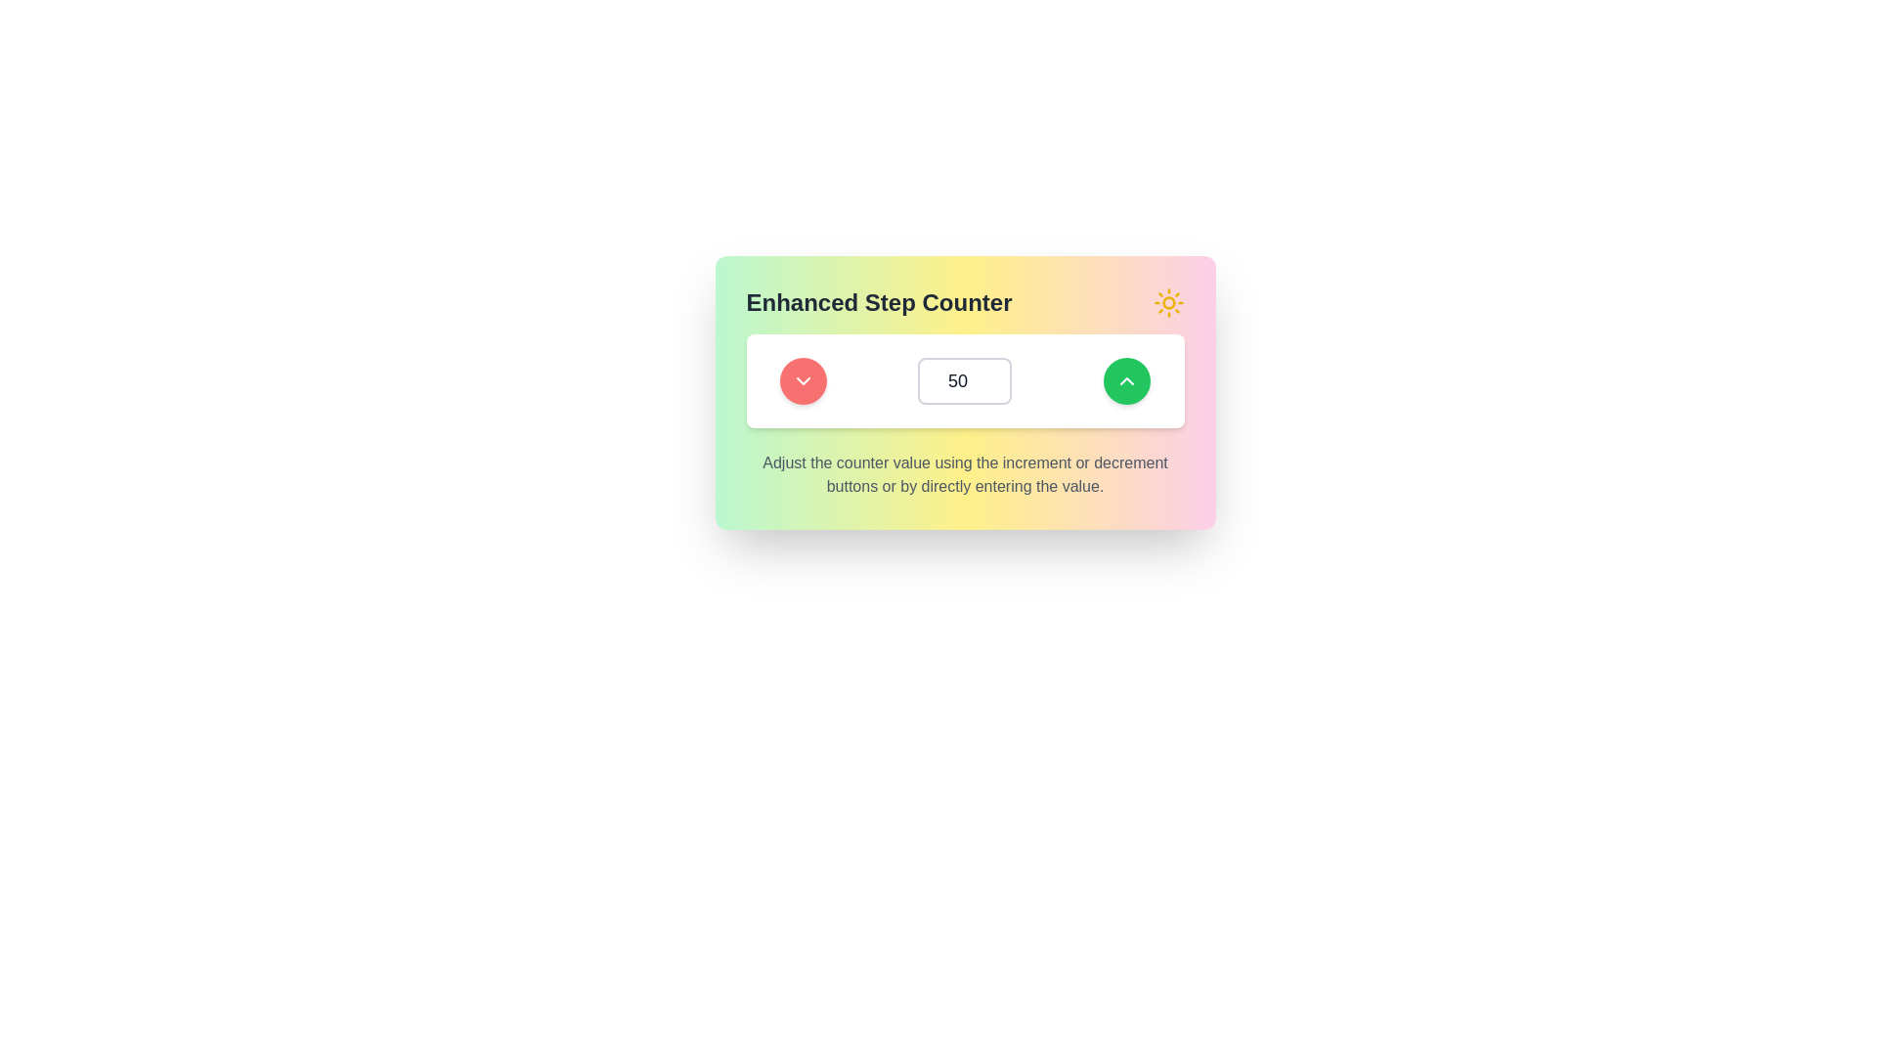 The width and height of the screenshot is (1877, 1056). What do you see at coordinates (804, 380) in the screenshot?
I see `the circular red button with a white down-arrow icon located to the left of the numeric input box in the 'Enhanced Step Counter' card to decrease the value` at bounding box center [804, 380].